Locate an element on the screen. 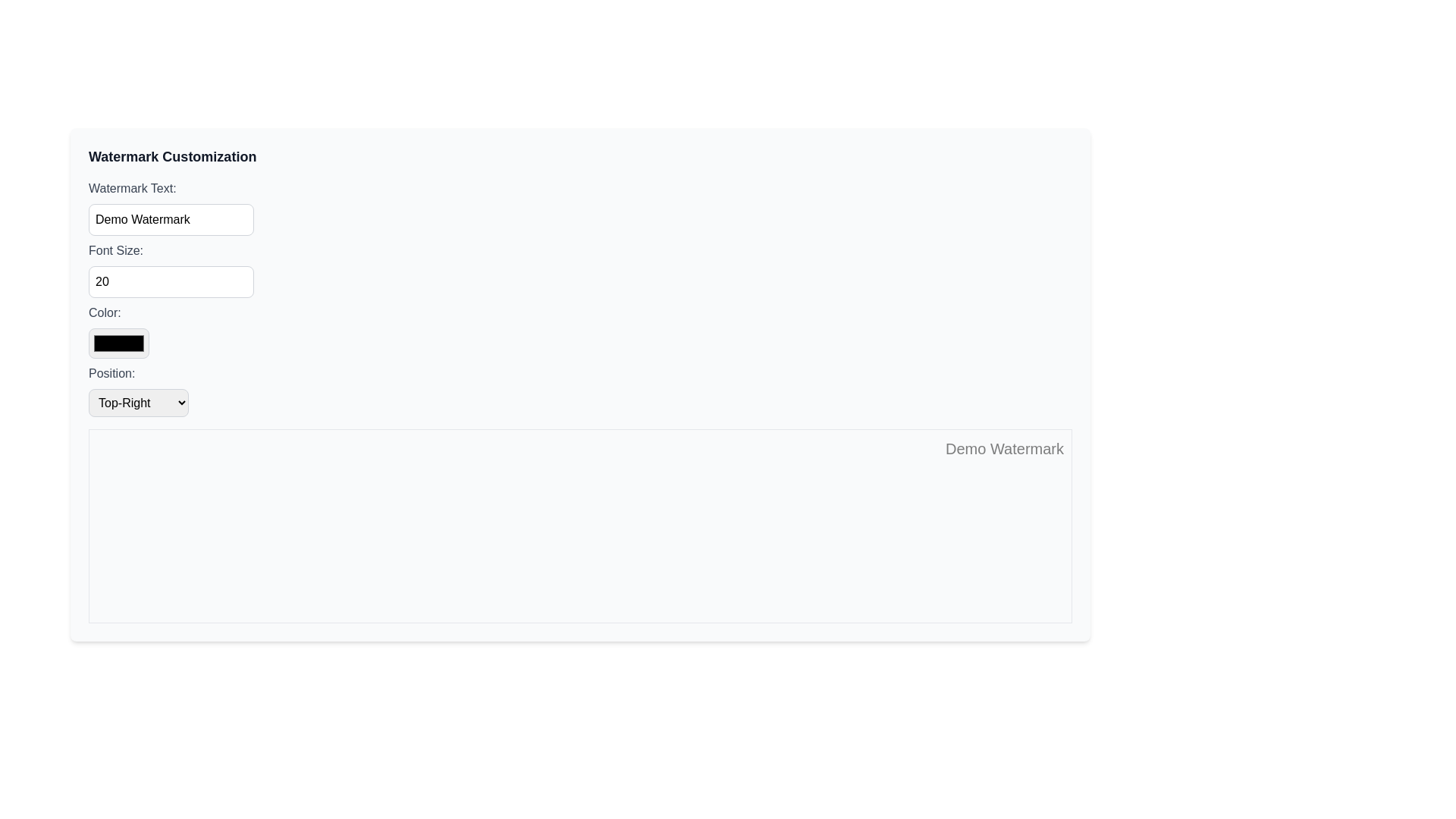  an option from the dropdown menu labeled 'Position:' which currently shows 'Top-Right' and has a downward arrow for expansion is located at coordinates (138, 402).